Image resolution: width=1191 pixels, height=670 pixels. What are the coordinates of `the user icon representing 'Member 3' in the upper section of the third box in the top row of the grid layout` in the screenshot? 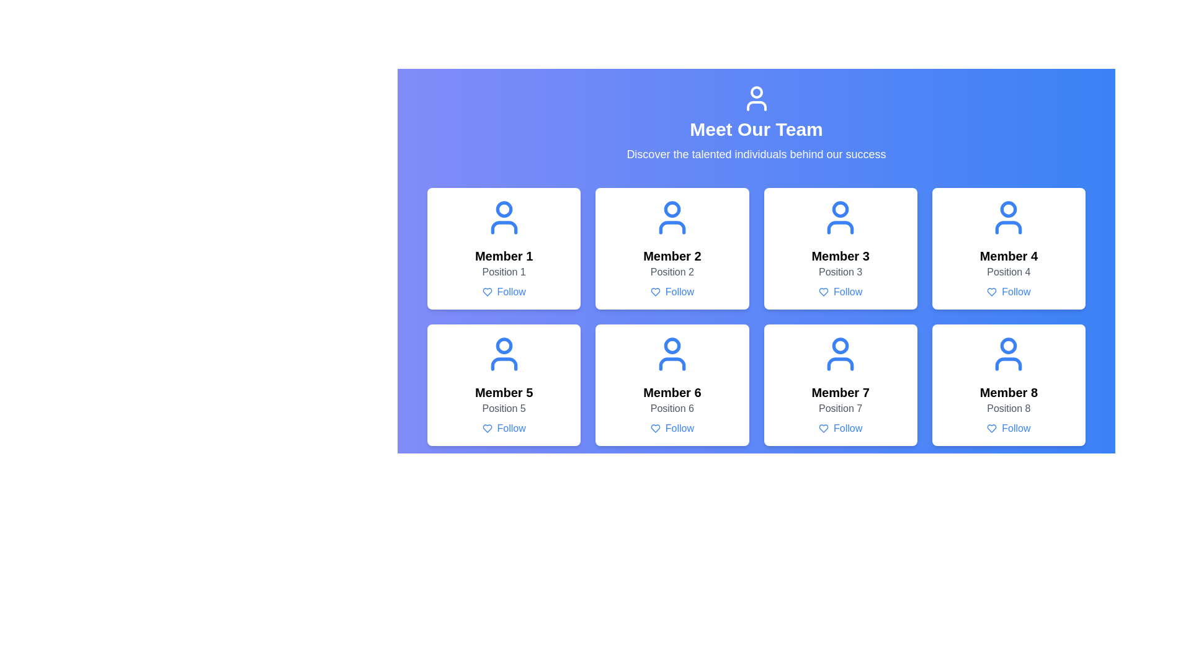 It's located at (841, 217).